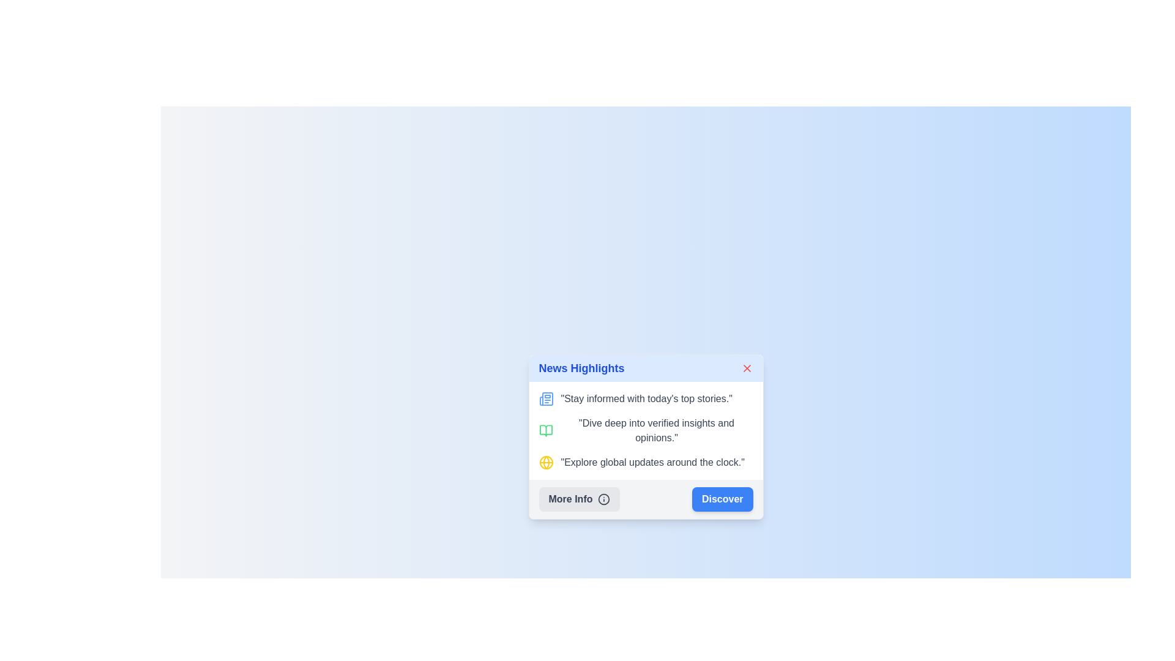 The width and height of the screenshot is (1175, 661). What do you see at coordinates (645, 398) in the screenshot?
I see `the first informational list item with the text 'Stay informed with today’s top stories.' and a blue newspaper icon, located under the 'News Highlights' title` at bounding box center [645, 398].